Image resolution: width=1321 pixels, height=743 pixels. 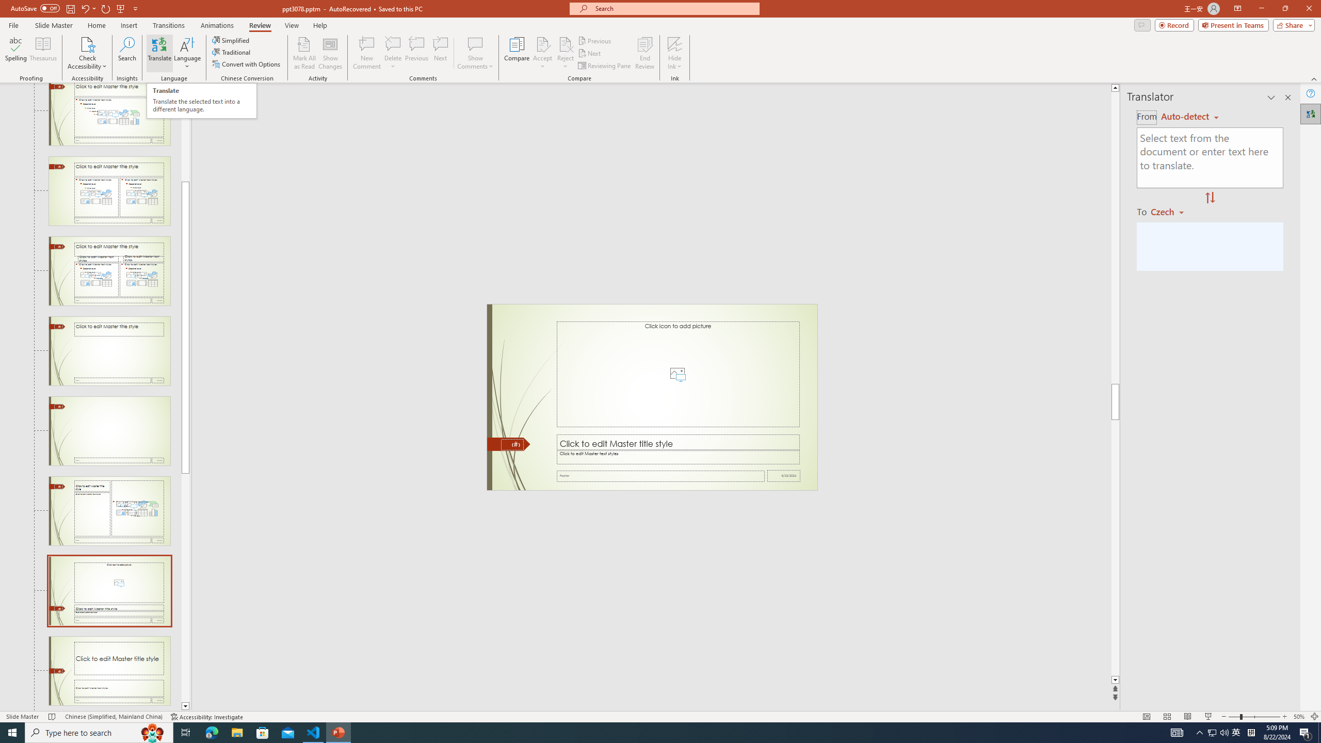 What do you see at coordinates (1209, 198) in the screenshot?
I see `'Swap "from" and "to" languages.'` at bounding box center [1209, 198].